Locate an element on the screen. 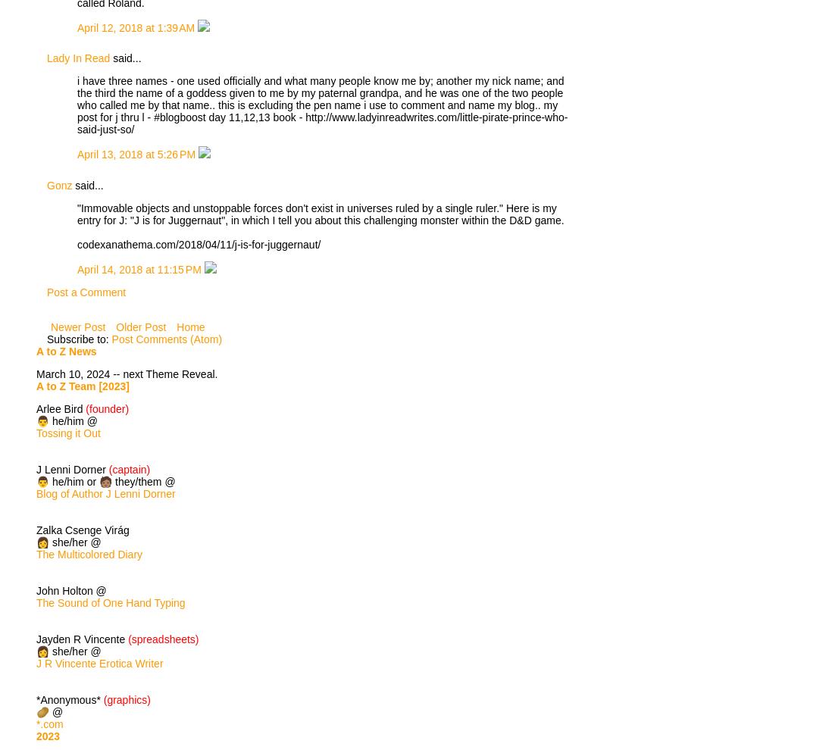  '(spreadsheets)' is located at coordinates (162, 639).